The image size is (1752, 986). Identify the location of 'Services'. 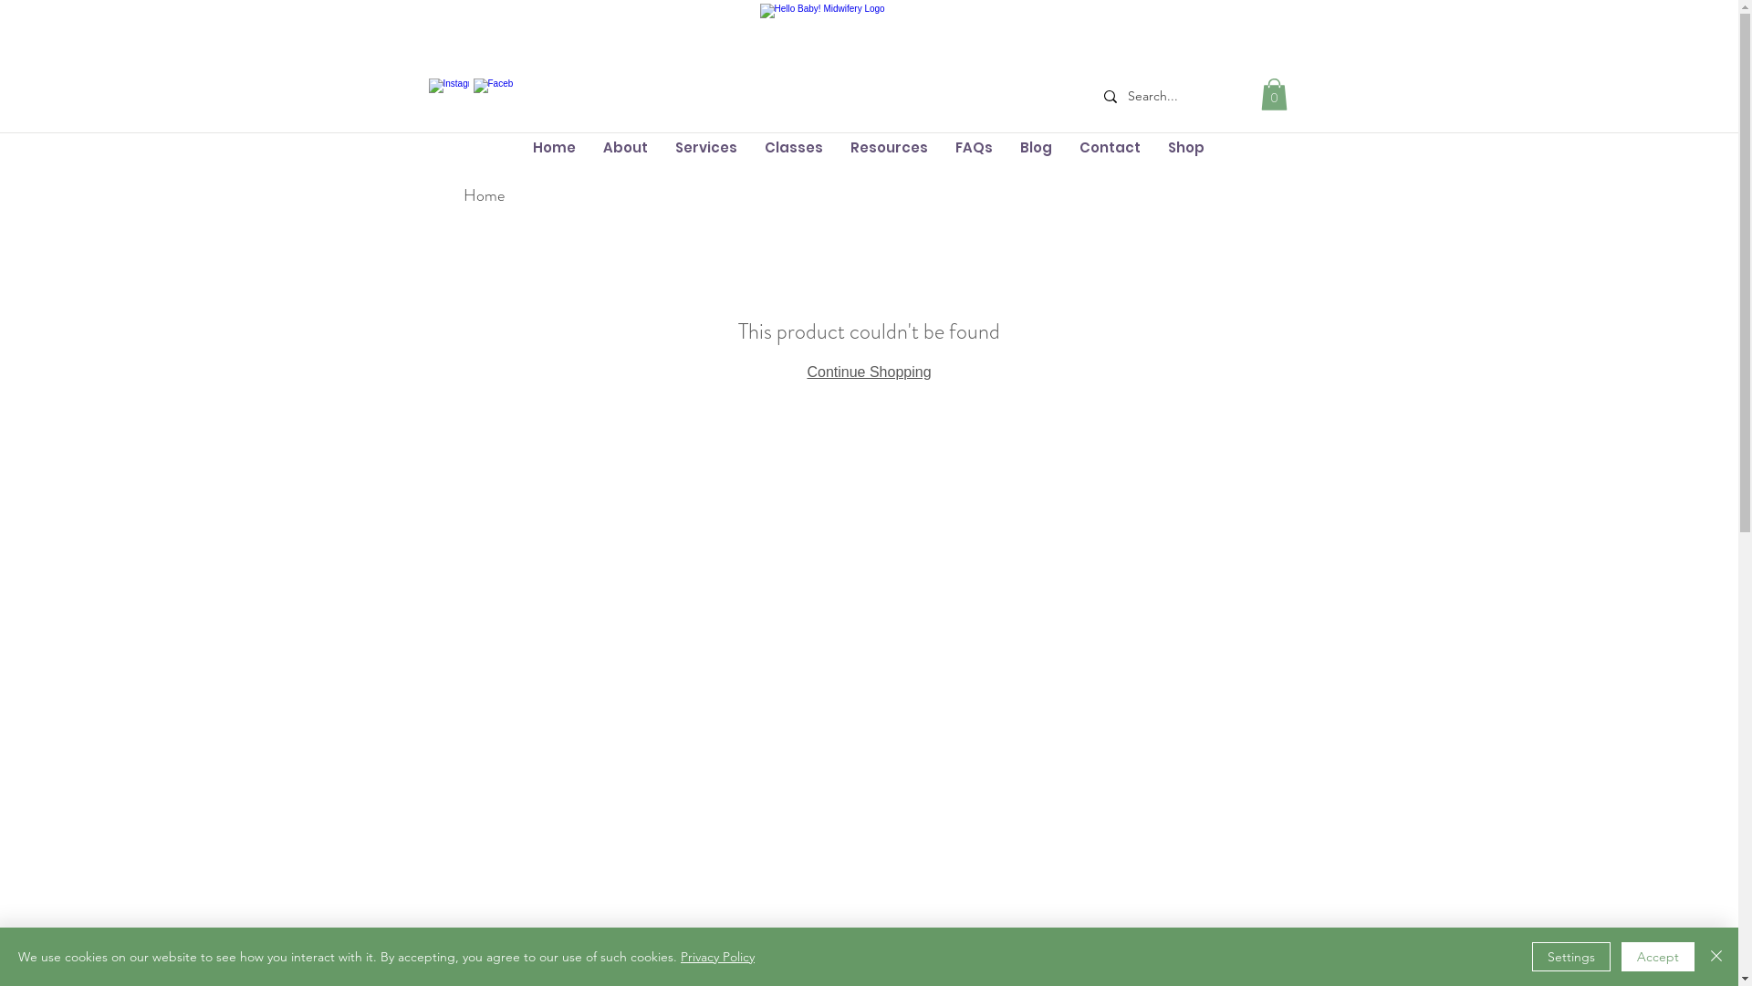
(704, 146).